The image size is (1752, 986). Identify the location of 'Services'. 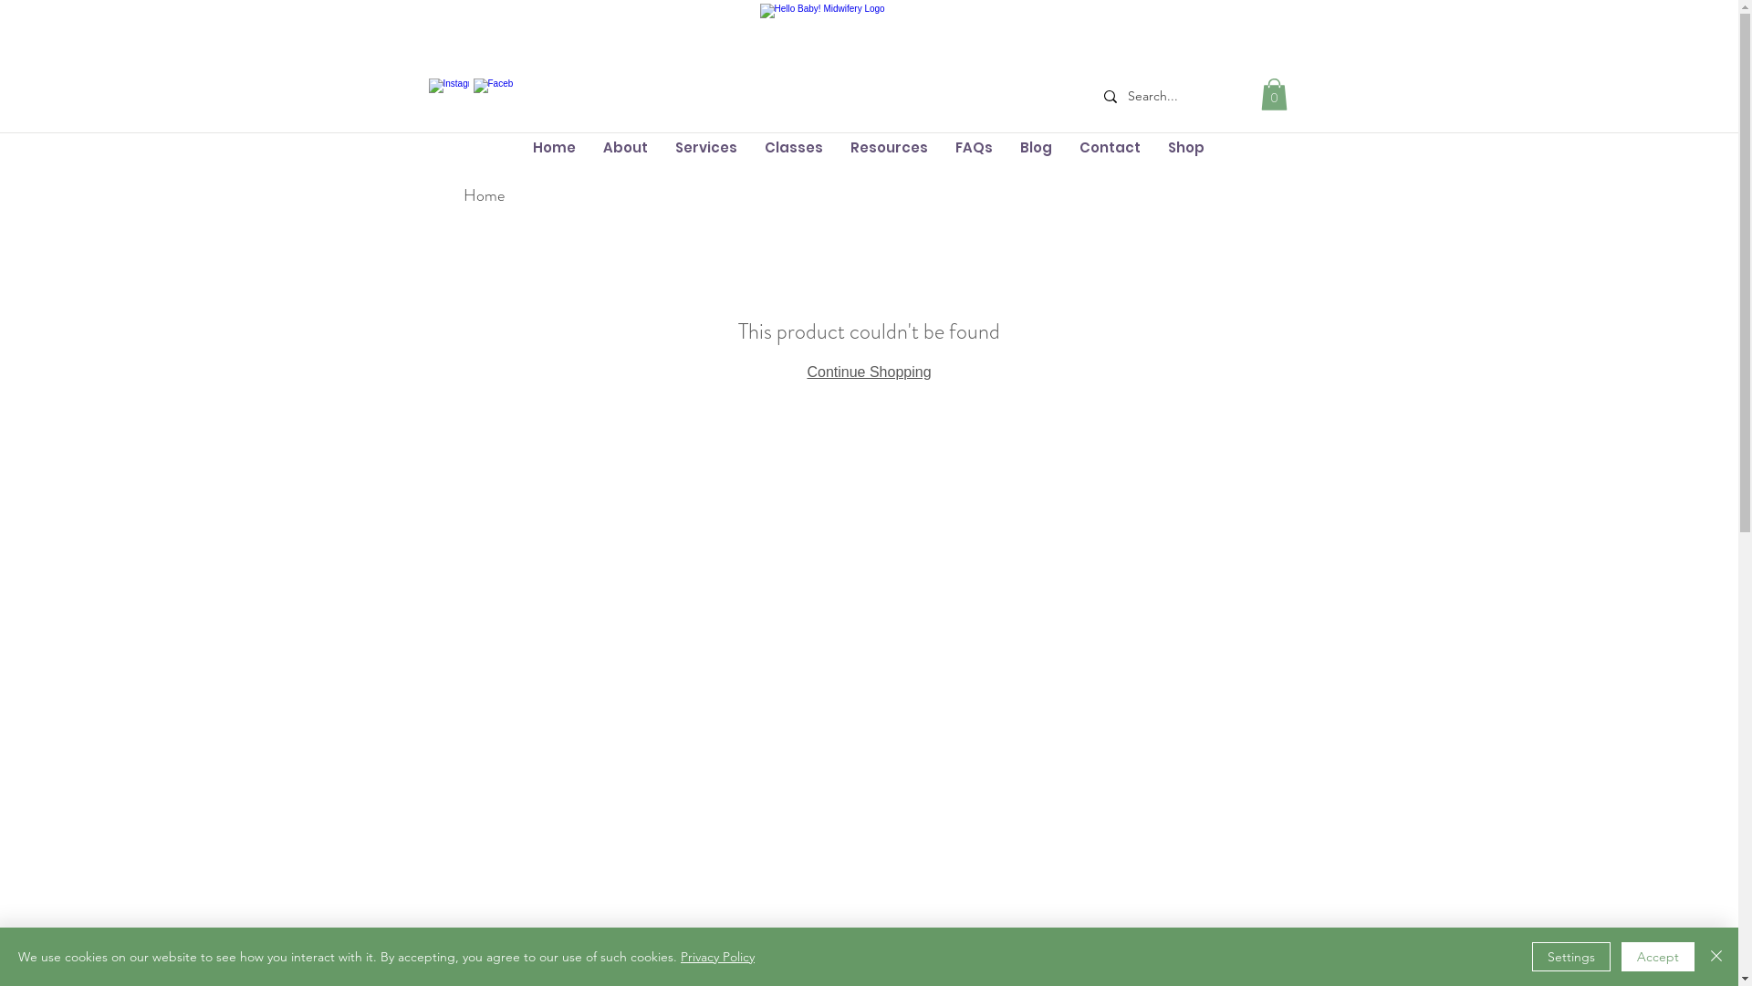
(704, 146).